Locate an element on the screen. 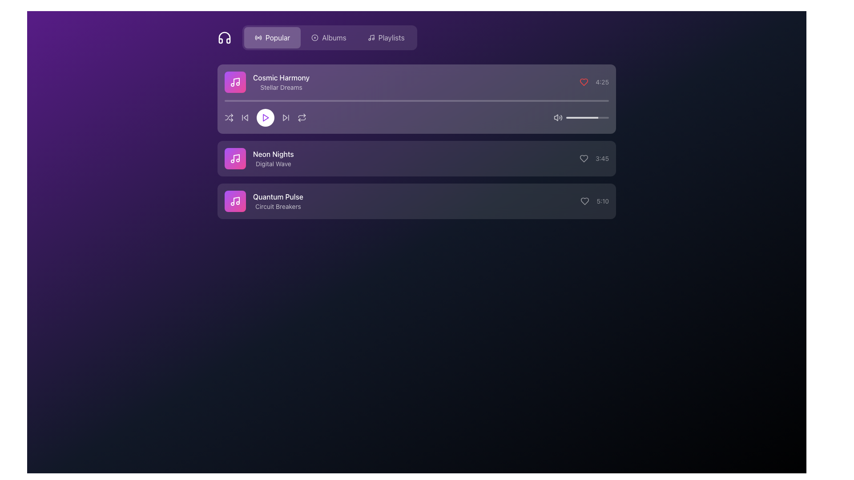 Image resolution: width=854 pixels, height=480 pixels. the second text label indicating additional information about the 'Quantum Pulse' entry in the playlist is located at coordinates (278, 207).